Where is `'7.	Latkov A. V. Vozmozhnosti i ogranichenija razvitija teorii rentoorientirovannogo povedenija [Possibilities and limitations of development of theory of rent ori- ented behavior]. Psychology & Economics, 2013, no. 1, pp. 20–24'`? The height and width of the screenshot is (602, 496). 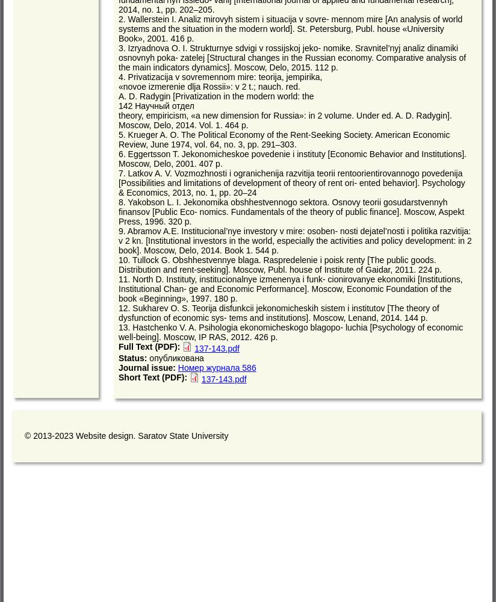
'7.	Latkov A. V. Vozmozhnosti i ogranichenija razvitija teorii rentoorientirovannogo povedenija [Possibilities and limitations of development of theory of rent ori- ented behavior]. Psychology & Economics, 2013, no. 1, pp. 20–24' is located at coordinates (291, 183).